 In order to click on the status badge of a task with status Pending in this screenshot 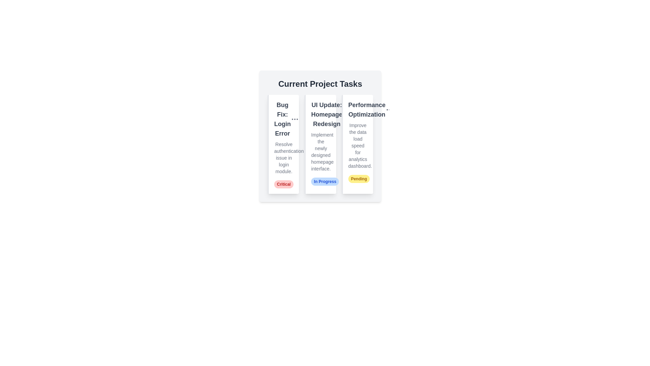, I will do `click(359, 179)`.